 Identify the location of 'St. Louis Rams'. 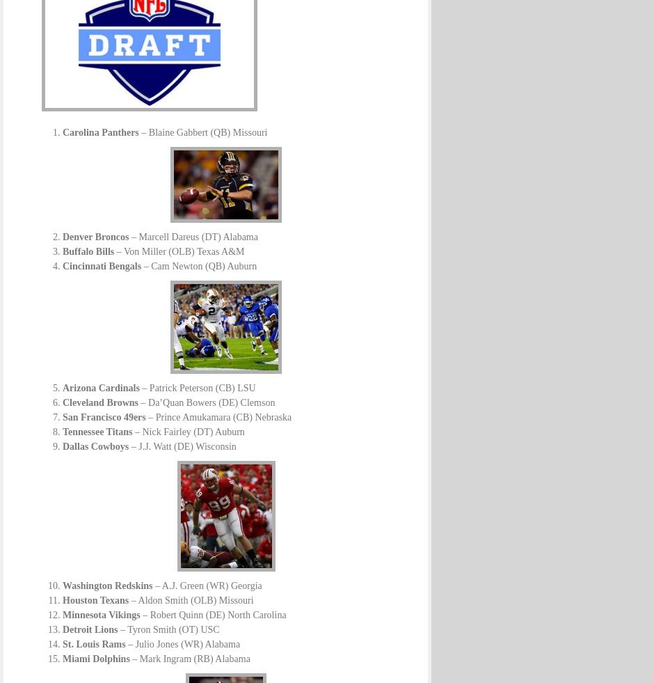
(94, 644).